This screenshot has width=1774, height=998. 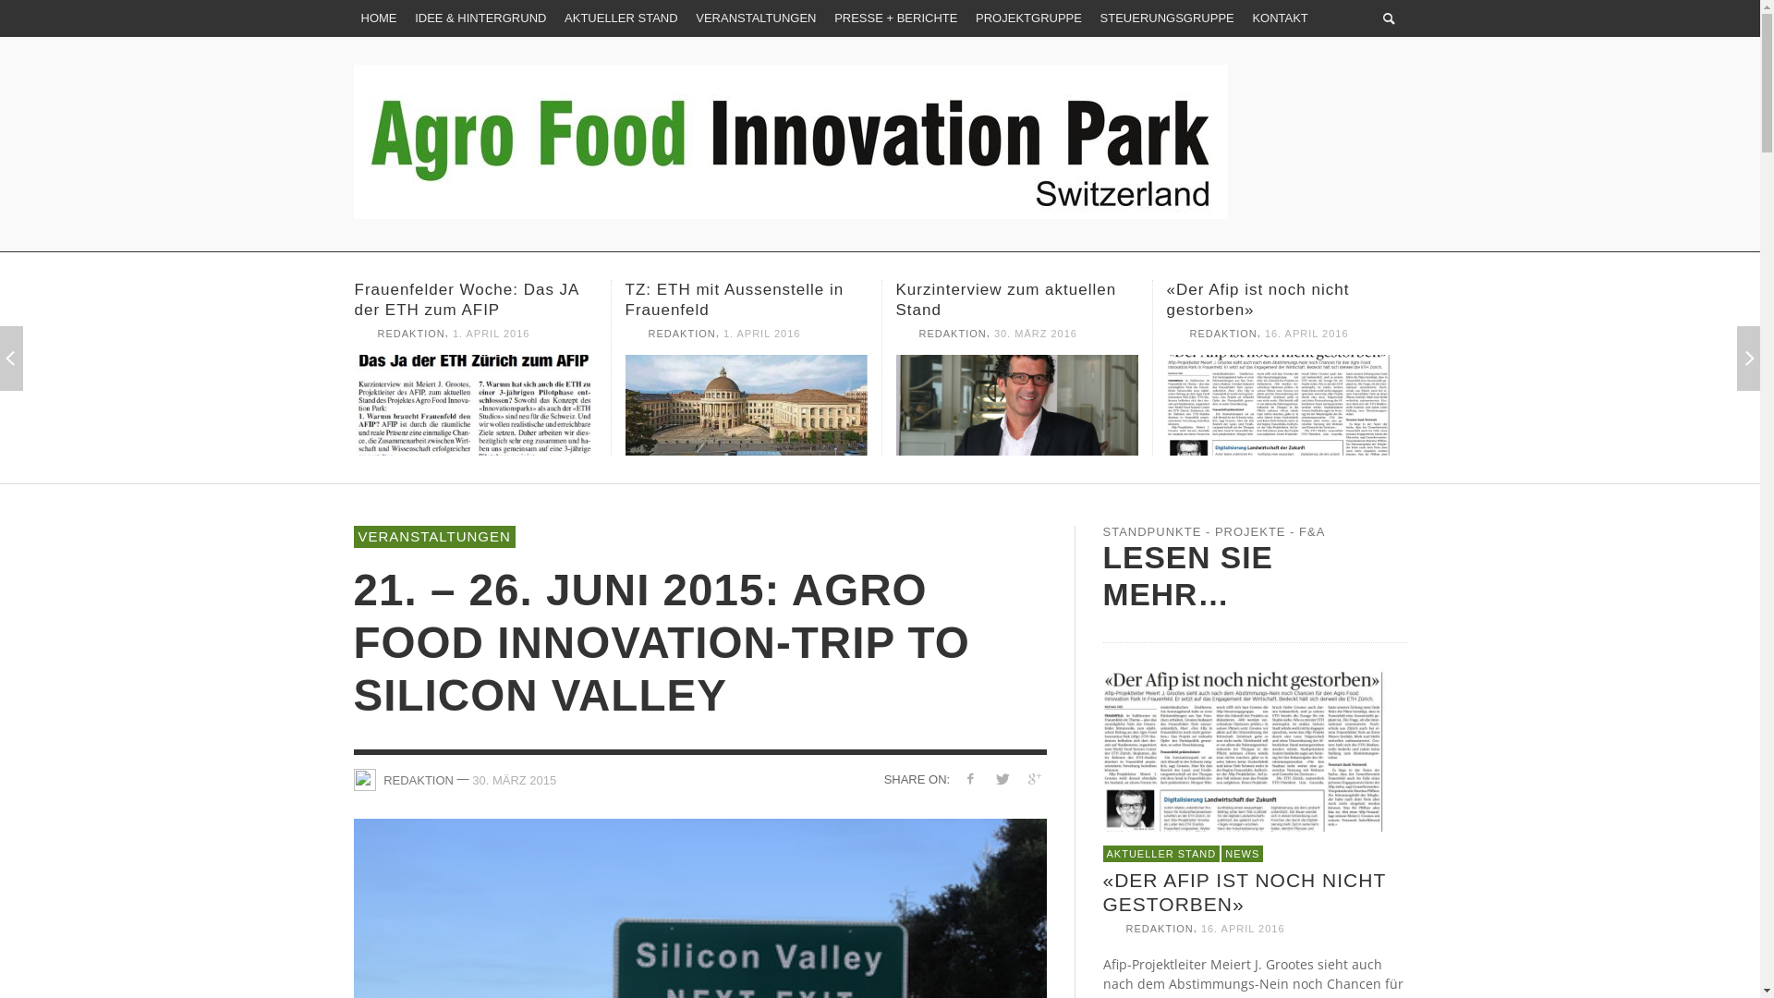 I want to click on 'Share on Facebook', so click(x=968, y=778).